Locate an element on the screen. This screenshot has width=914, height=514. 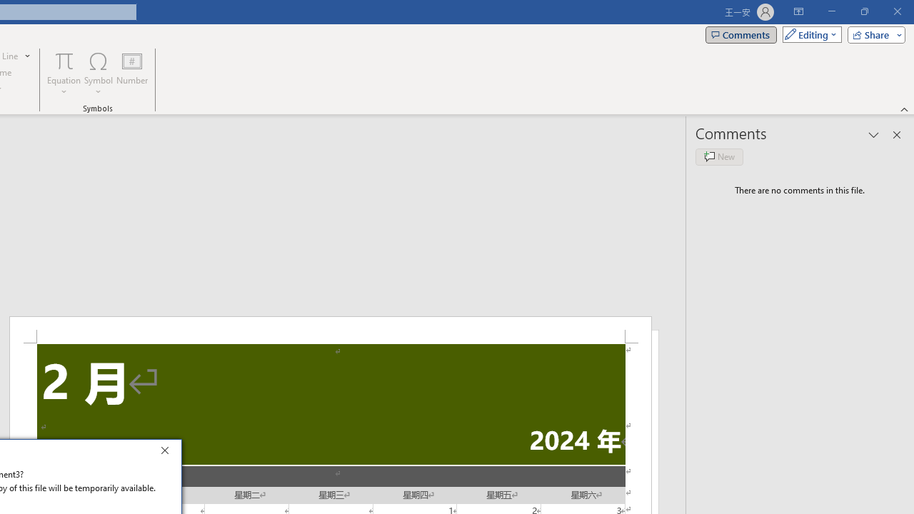
'Ribbon Display Options' is located at coordinates (798, 11).